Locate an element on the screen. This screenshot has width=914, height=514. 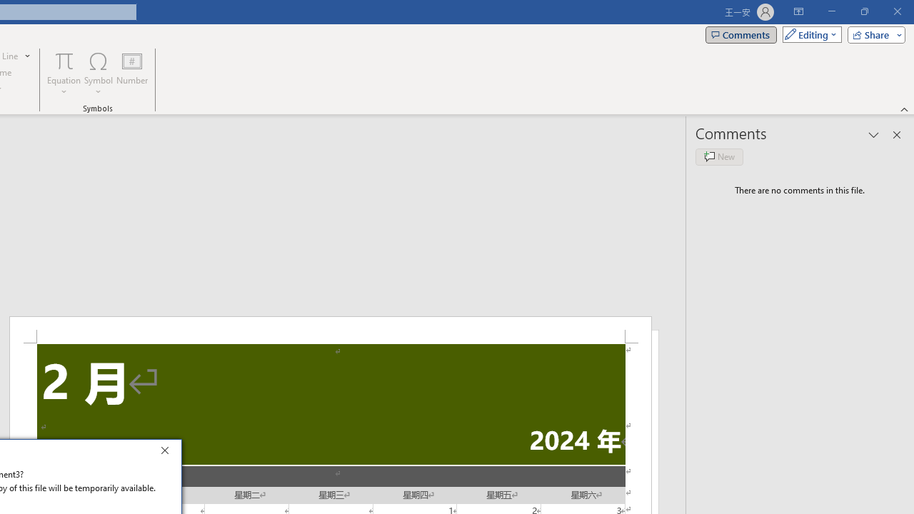
'Ribbon Display Options' is located at coordinates (798, 11).